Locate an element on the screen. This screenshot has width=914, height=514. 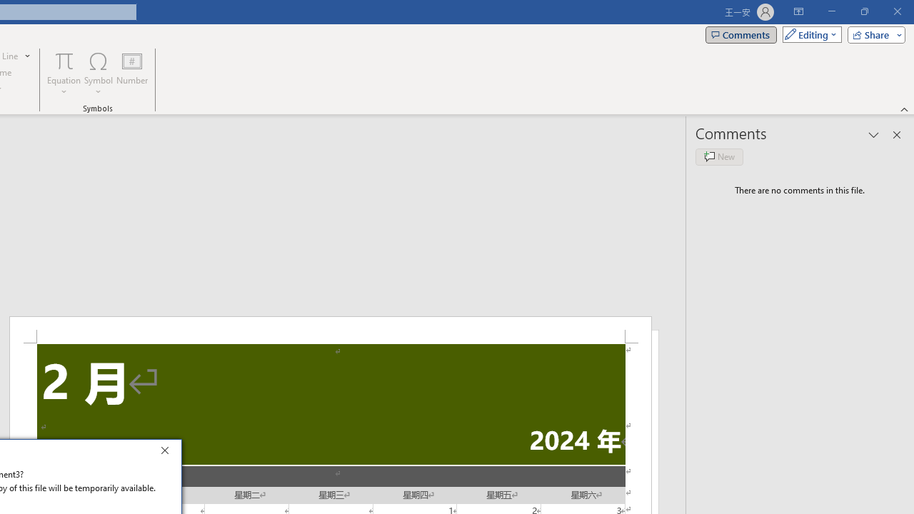
'Ribbon Display Options' is located at coordinates (798, 11).